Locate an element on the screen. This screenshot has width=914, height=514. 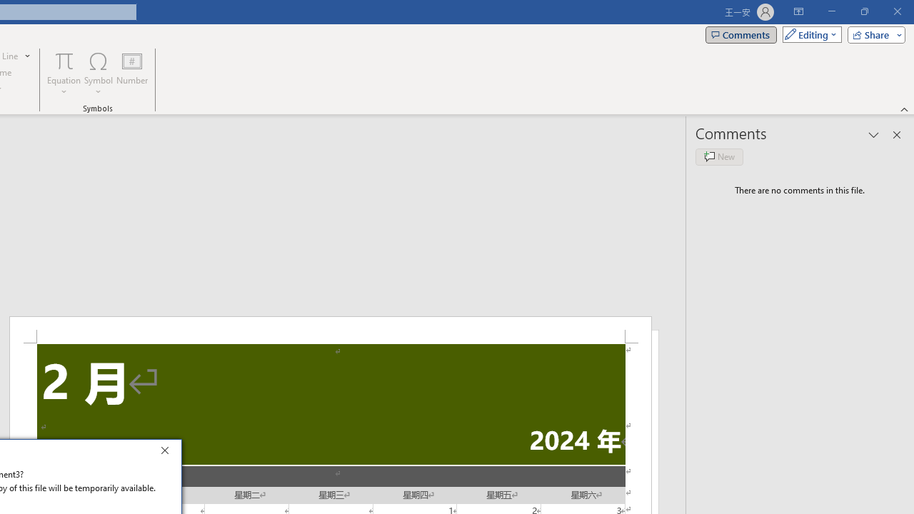
'Ribbon Display Options' is located at coordinates (798, 11).